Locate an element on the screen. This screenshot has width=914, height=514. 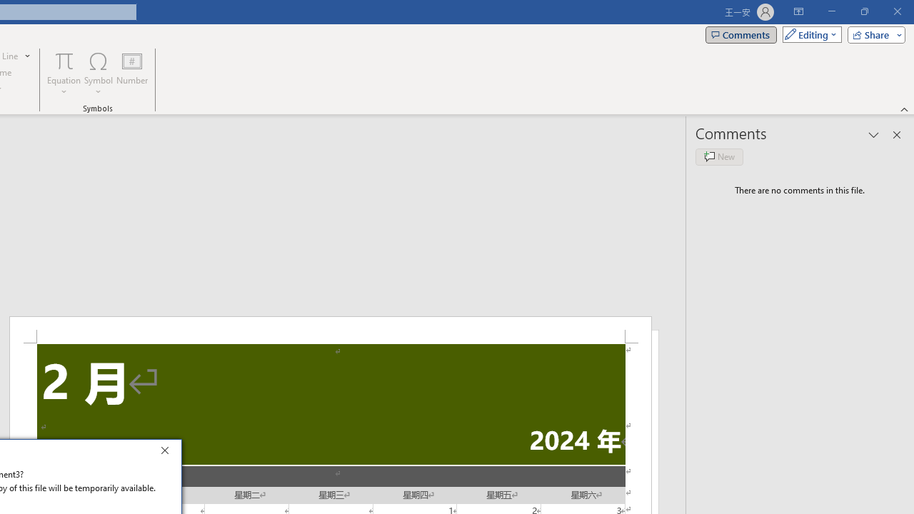
'Ribbon Display Options' is located at coordinates (798, 11).